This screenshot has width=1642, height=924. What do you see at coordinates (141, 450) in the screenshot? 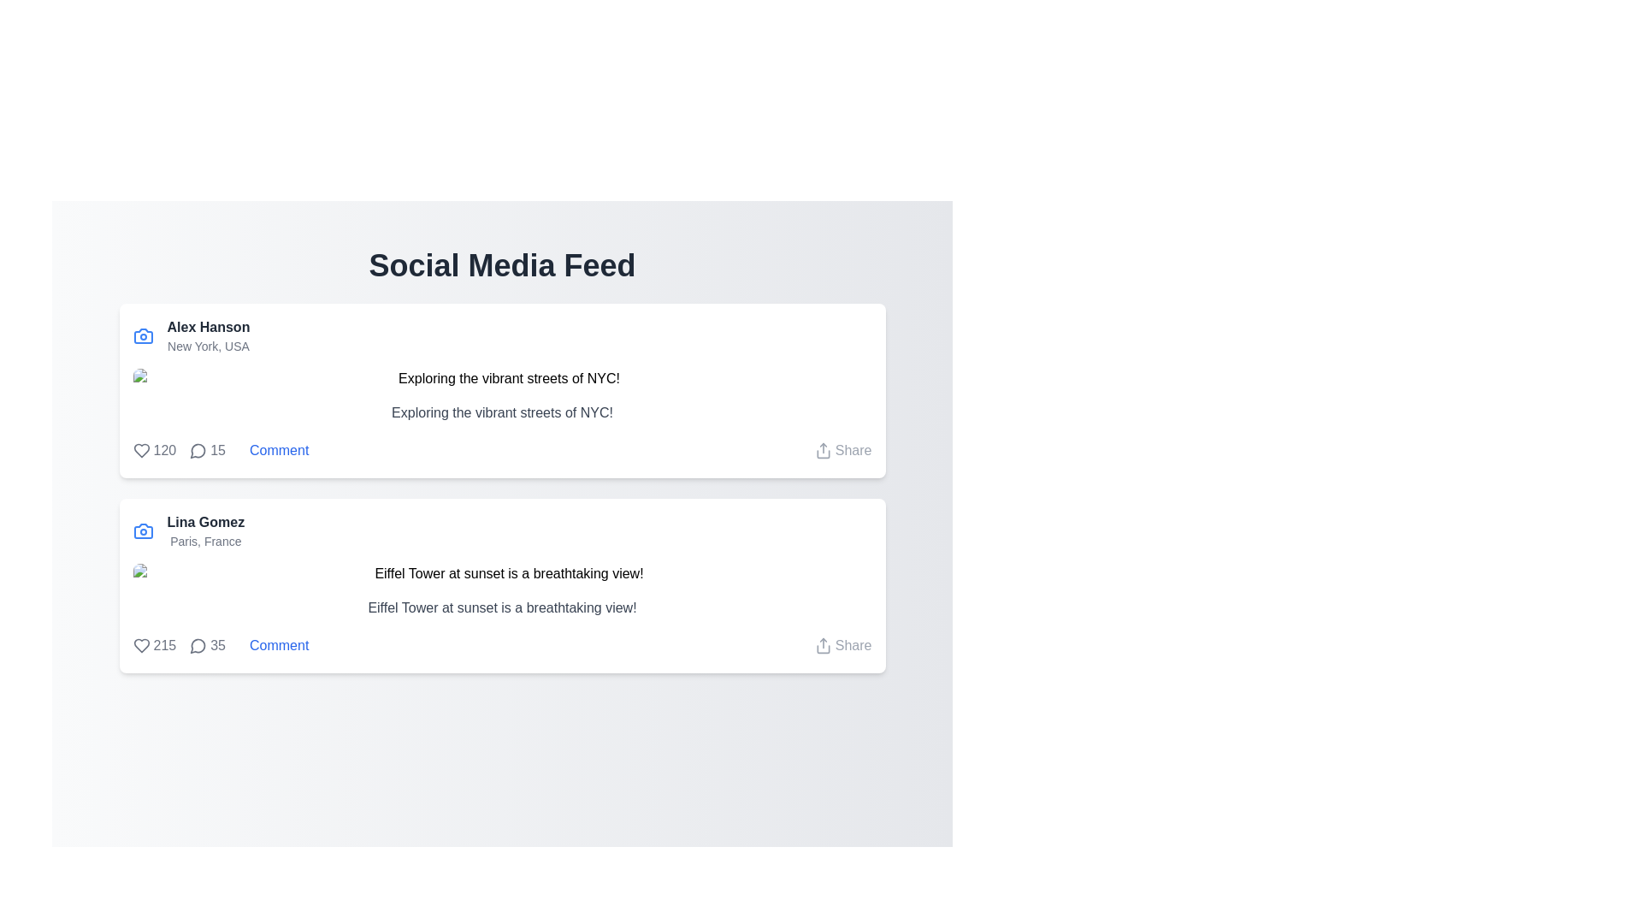
I see `the stylized heart icon located at the bottom left corner of the first feed post to like or unlike the post` at bounding box center [141, 450].